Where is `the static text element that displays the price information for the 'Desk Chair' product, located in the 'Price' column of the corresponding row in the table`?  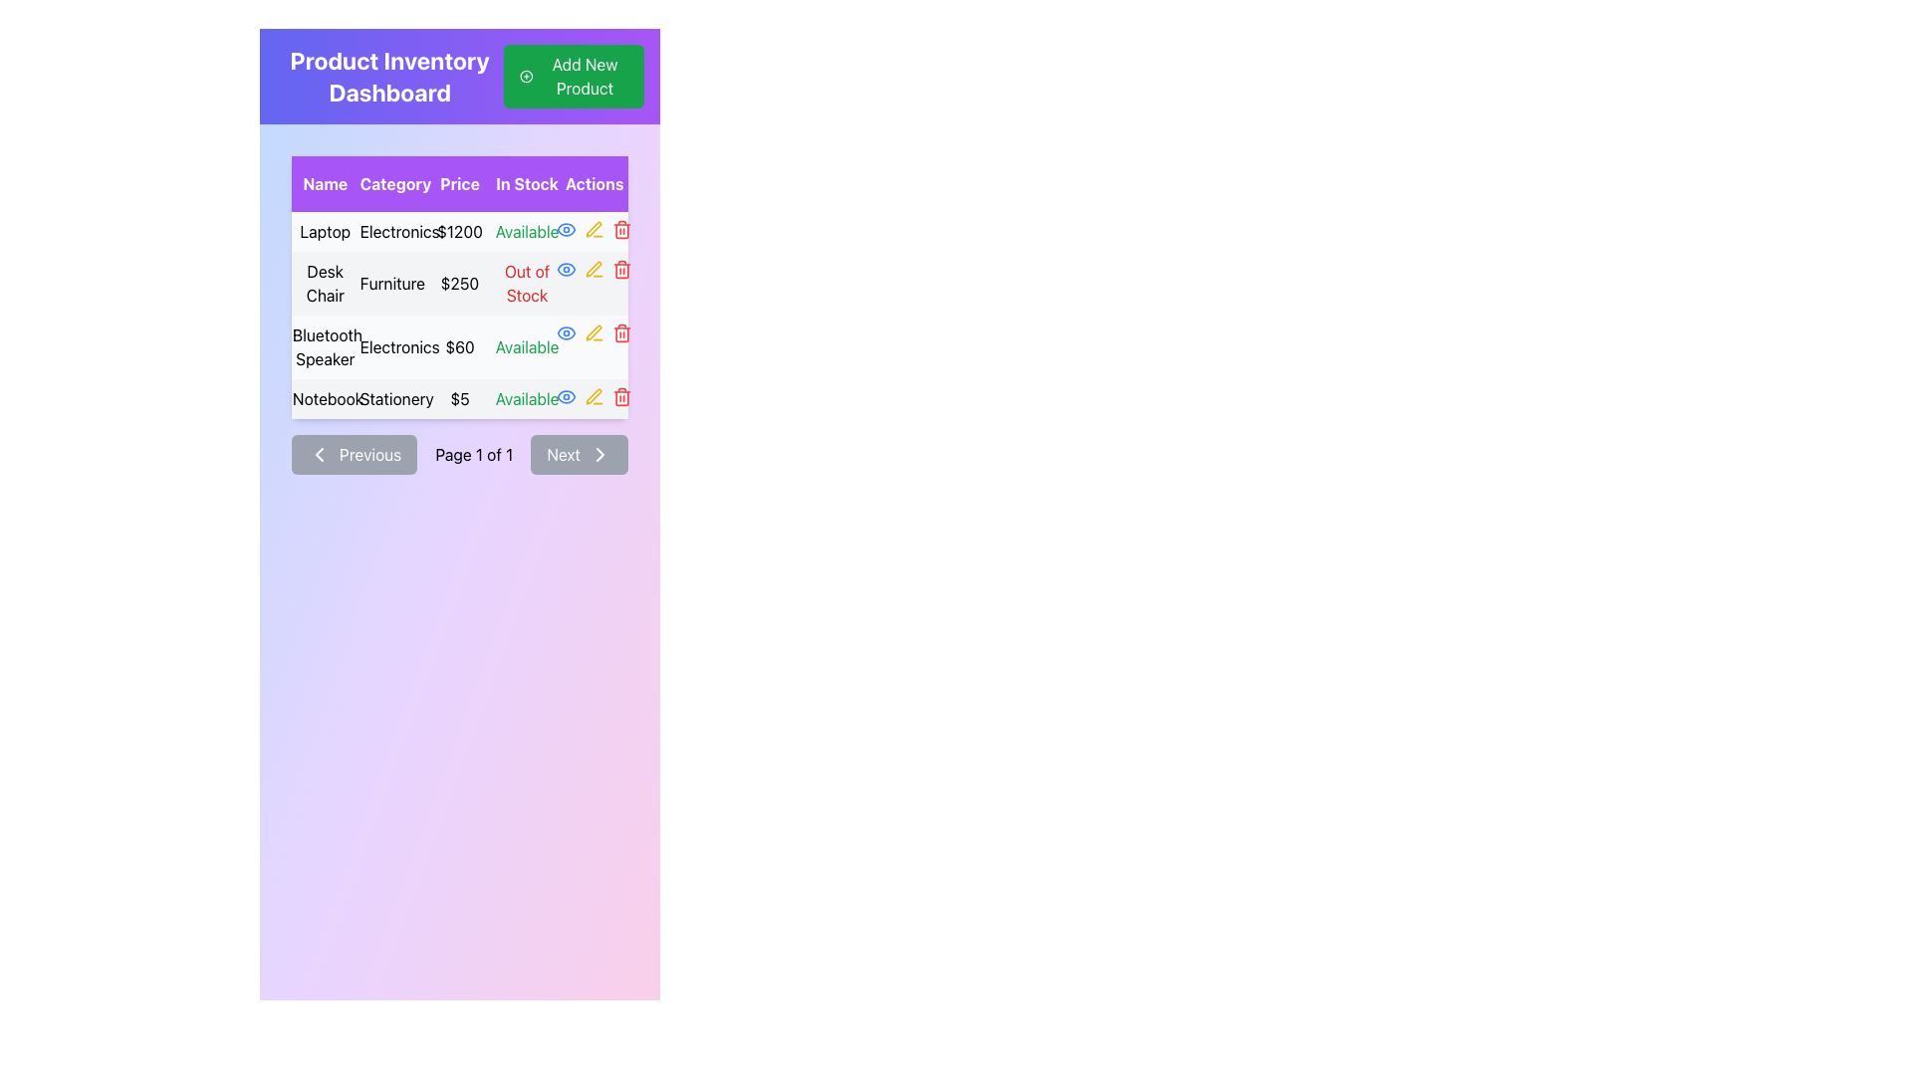
the static text element that displays the price information for the 'Desk Chair' product, located in the 'Price' column of the corresponding row in the table is located at coordinates (458, 284).